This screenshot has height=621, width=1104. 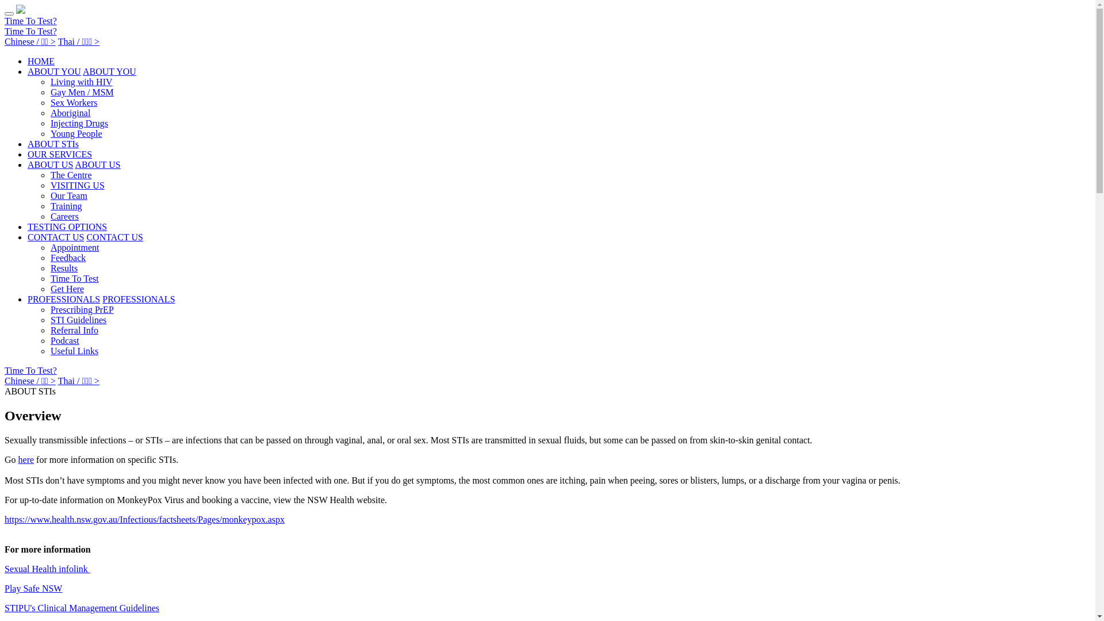 I want to click on 'ABOUT US', so click(x=28, y=164).